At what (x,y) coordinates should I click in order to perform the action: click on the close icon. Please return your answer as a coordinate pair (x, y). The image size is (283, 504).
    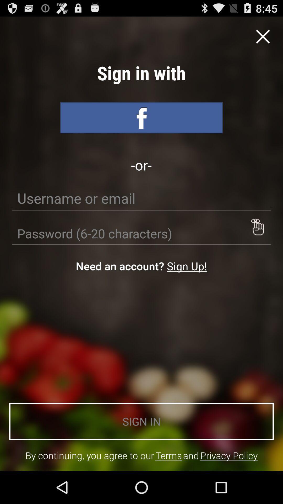
    Looking at the image, I should click on (263, 39).